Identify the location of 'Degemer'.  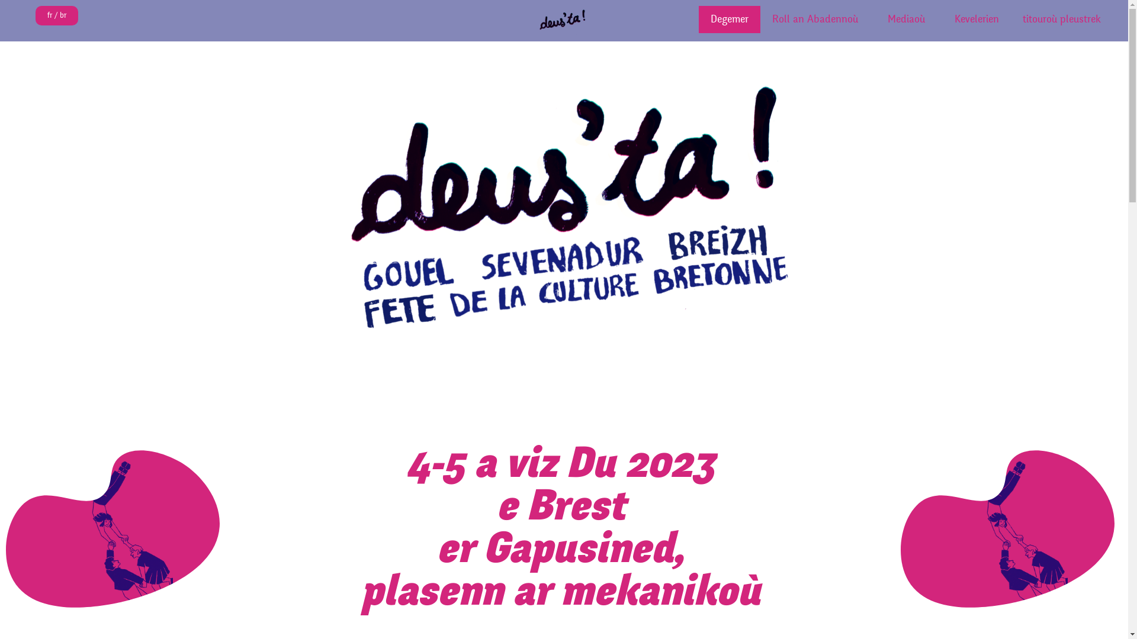
(699, 20).